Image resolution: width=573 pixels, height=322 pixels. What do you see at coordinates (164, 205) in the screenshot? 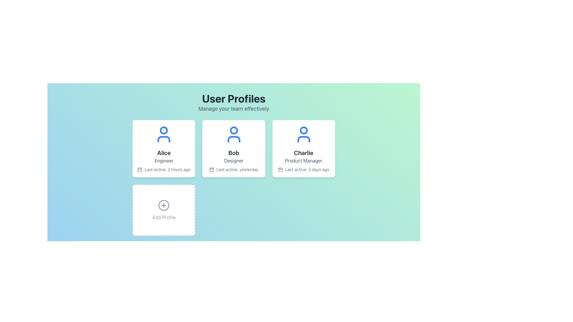
I see `the SVG Circle button for adding a new profile, located at the bottom row of the user profile grid layout` at bounding box center [164, 205].